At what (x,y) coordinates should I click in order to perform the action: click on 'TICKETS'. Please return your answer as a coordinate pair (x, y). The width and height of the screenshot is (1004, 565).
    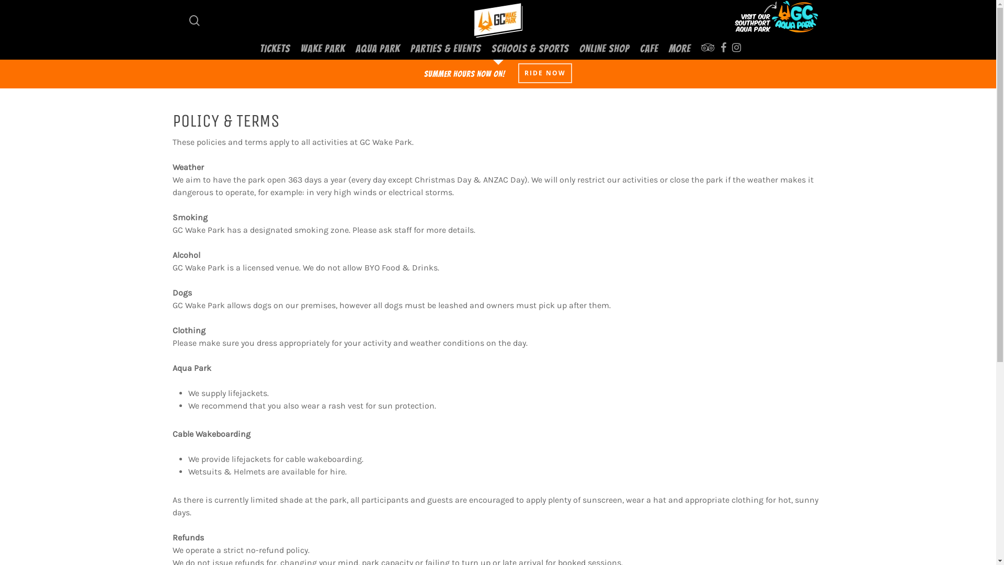
    Looking at the image, I should click on (275, 48).